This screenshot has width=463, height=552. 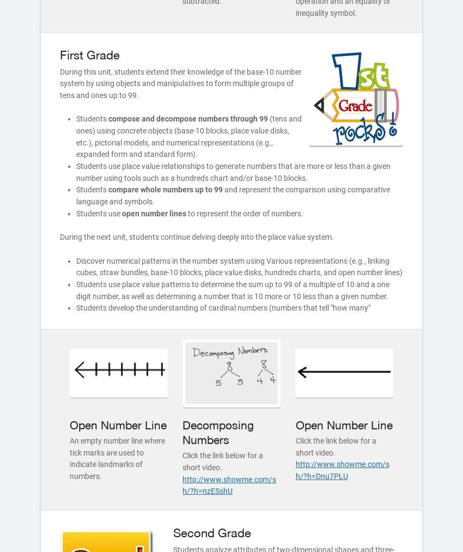 I want to click on 'During this unit, students extend their knowledge of the base-10 number system by using objects and manipulatives to form multiple groups of tens and ones up to 99.', so click(x=181, y=83).